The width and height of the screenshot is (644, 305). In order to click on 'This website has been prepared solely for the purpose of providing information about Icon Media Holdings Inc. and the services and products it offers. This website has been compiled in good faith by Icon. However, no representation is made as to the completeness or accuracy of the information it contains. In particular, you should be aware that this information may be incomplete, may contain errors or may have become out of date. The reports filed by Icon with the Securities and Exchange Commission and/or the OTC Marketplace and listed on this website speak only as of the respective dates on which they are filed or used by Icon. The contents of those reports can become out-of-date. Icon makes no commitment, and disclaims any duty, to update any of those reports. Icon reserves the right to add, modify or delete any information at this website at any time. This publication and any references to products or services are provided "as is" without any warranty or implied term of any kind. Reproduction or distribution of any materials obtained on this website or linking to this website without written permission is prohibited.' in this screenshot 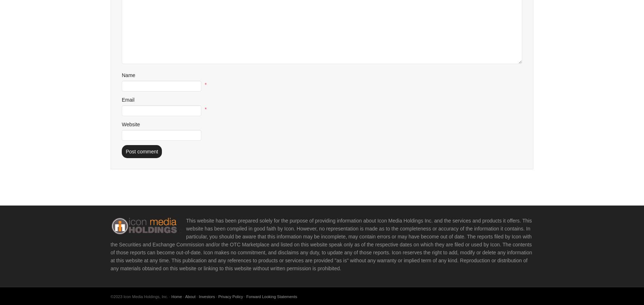, I will do `click(110, 243)`.